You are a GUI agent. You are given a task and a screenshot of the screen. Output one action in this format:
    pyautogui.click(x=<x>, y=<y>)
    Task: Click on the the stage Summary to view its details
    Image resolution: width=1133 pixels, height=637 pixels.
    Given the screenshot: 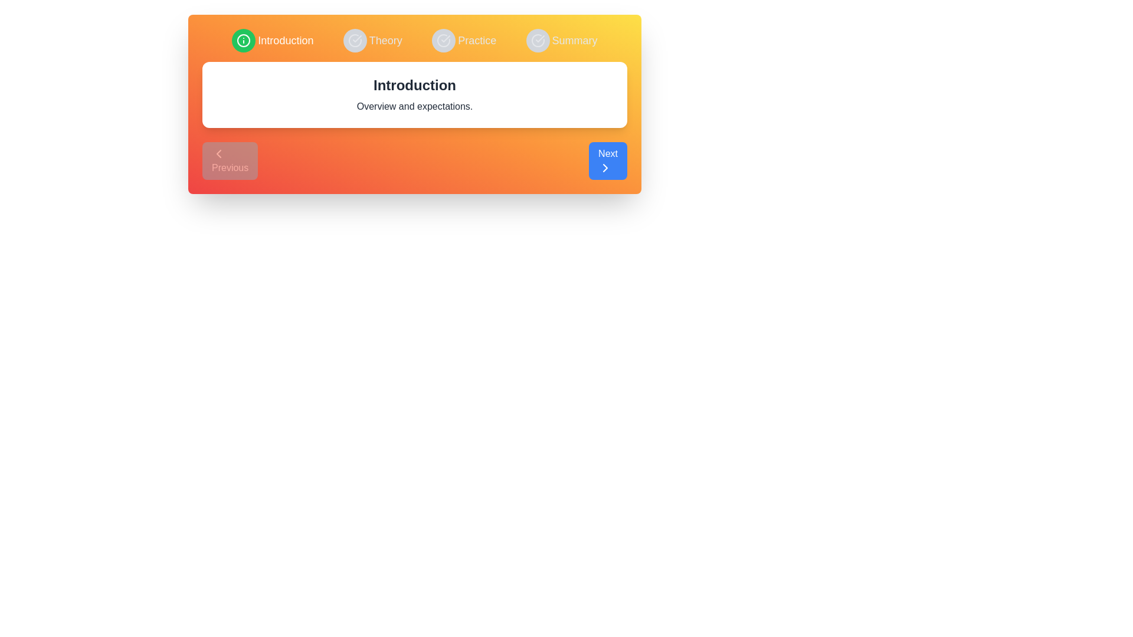 What is the action you would take?
    pyautogui.click(x=561, y=40)
    